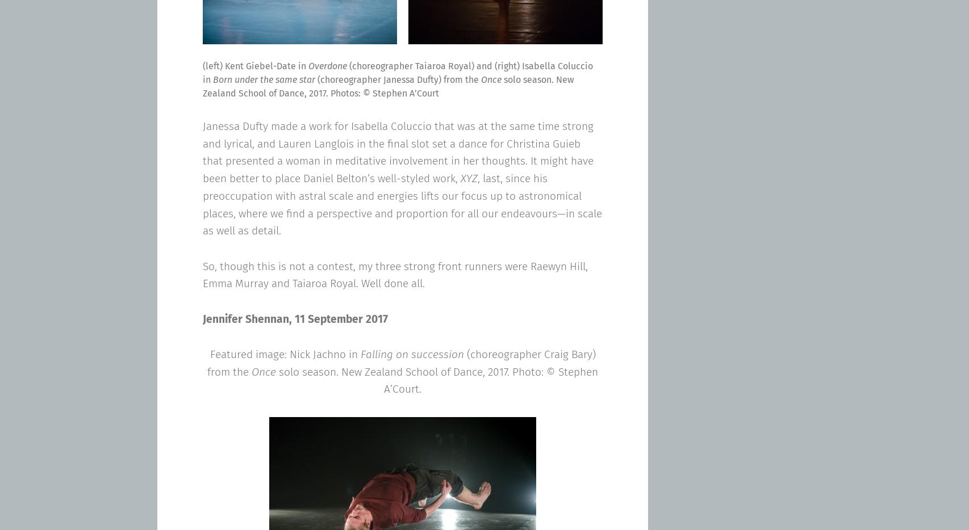  I want to click on 'Janessa Dufty made a work for Isabella Coluccio that was at the same time strong and lyrical, and Lauren Langlois in the final slot set a dance for Christina Guieb that presented a woman in meditative involvement in her thoughts. It might have been better to place Daniel Belton’s well-styled work,', so click(203, 152).